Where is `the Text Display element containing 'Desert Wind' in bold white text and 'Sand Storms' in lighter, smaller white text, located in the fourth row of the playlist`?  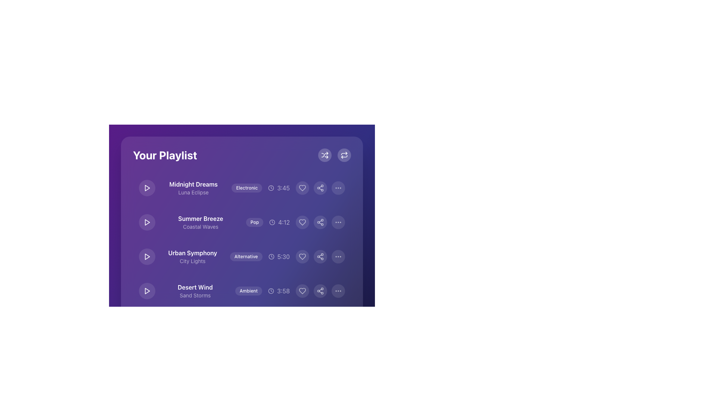
the Text Display element containing 'Desert Wind' in bold white text and 'Sand Storms' in lighter, smaller white text, located in the fourth row of the playlist is located at coordinates (195, 290).